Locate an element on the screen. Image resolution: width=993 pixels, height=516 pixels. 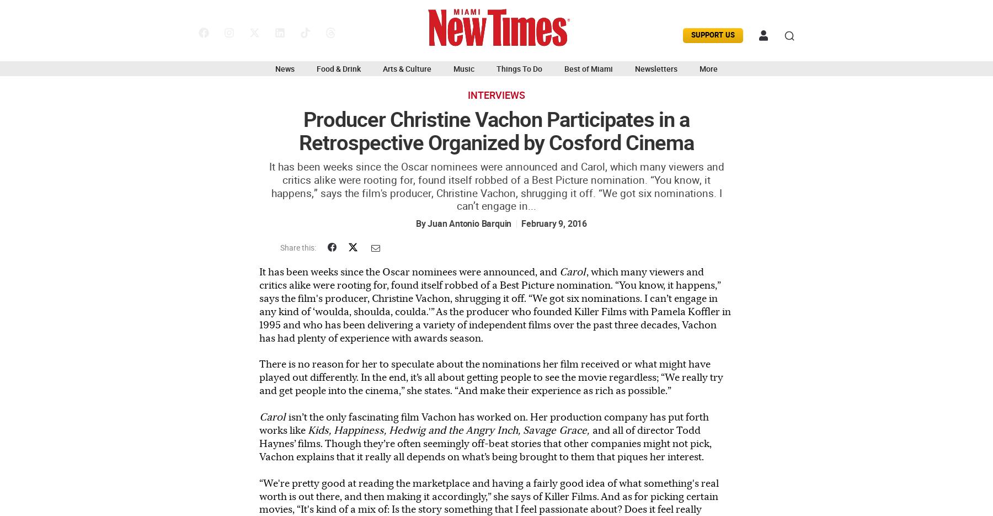
'There is no reason for her to speculate about the nominations her film received or what might have played out differently. In the end, it’s all about getting people to see the movie regardless; “We really try and get people into the cinema,” she states. “And make their experience as rich as possible.”' is located at coordinates (491, 376).